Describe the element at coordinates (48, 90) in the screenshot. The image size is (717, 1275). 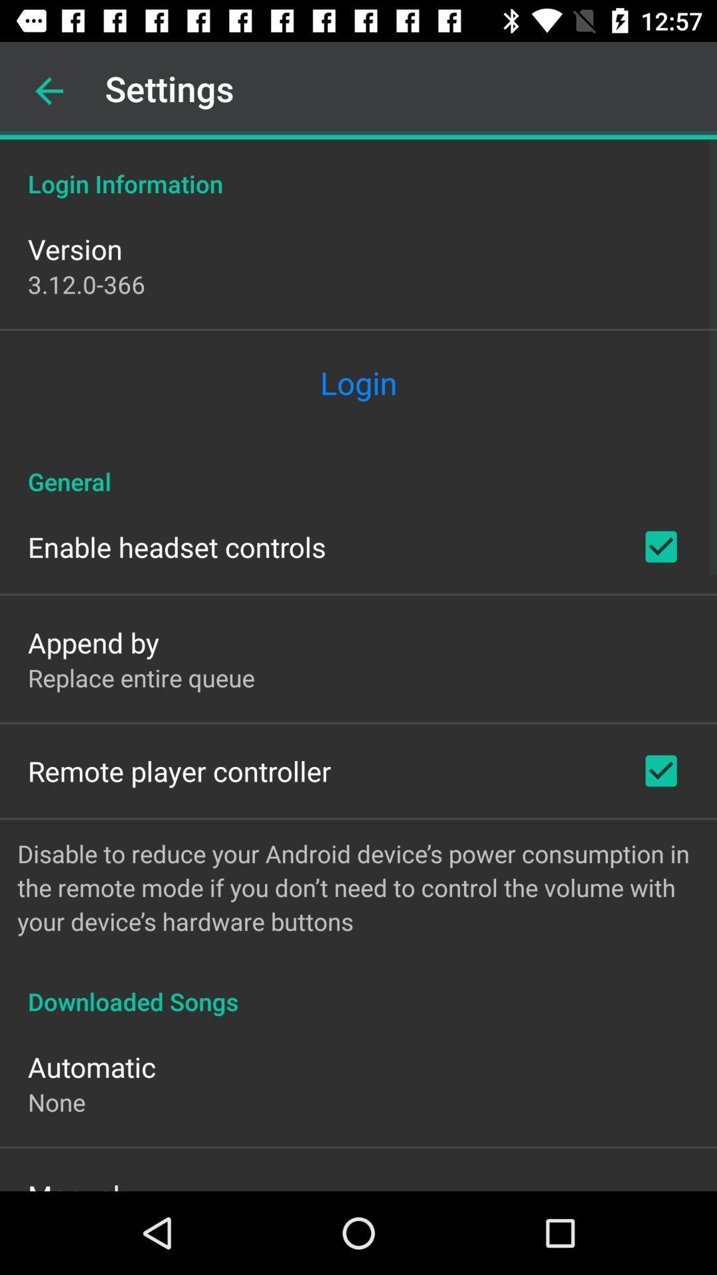
I see `the item next to settings icon` at that location.